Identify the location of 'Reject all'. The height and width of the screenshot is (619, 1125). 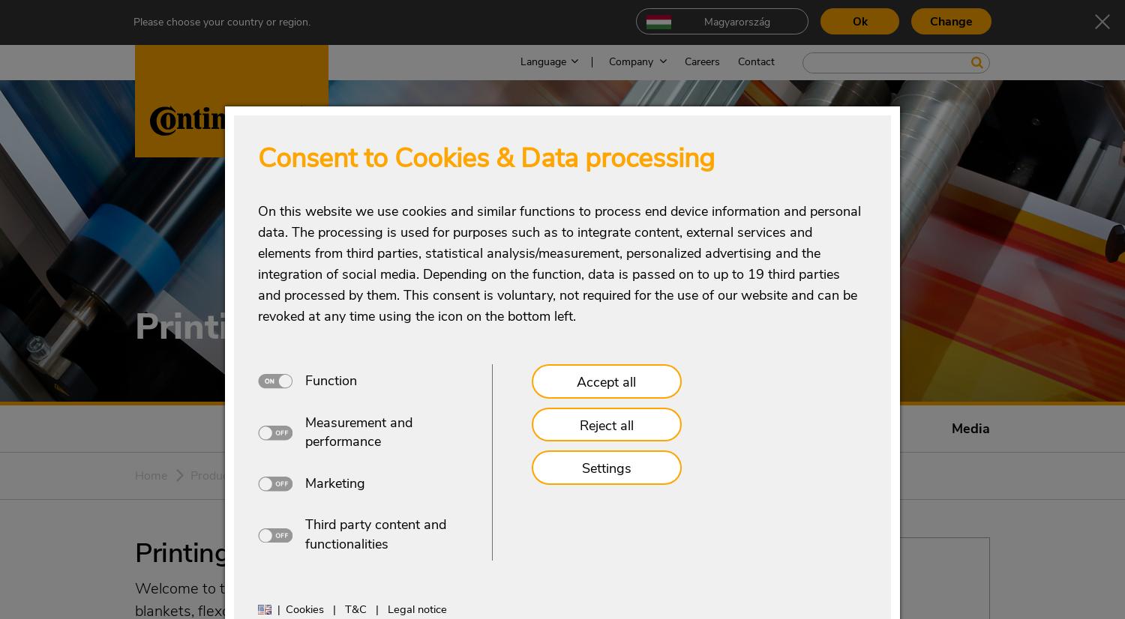
(606, 423).